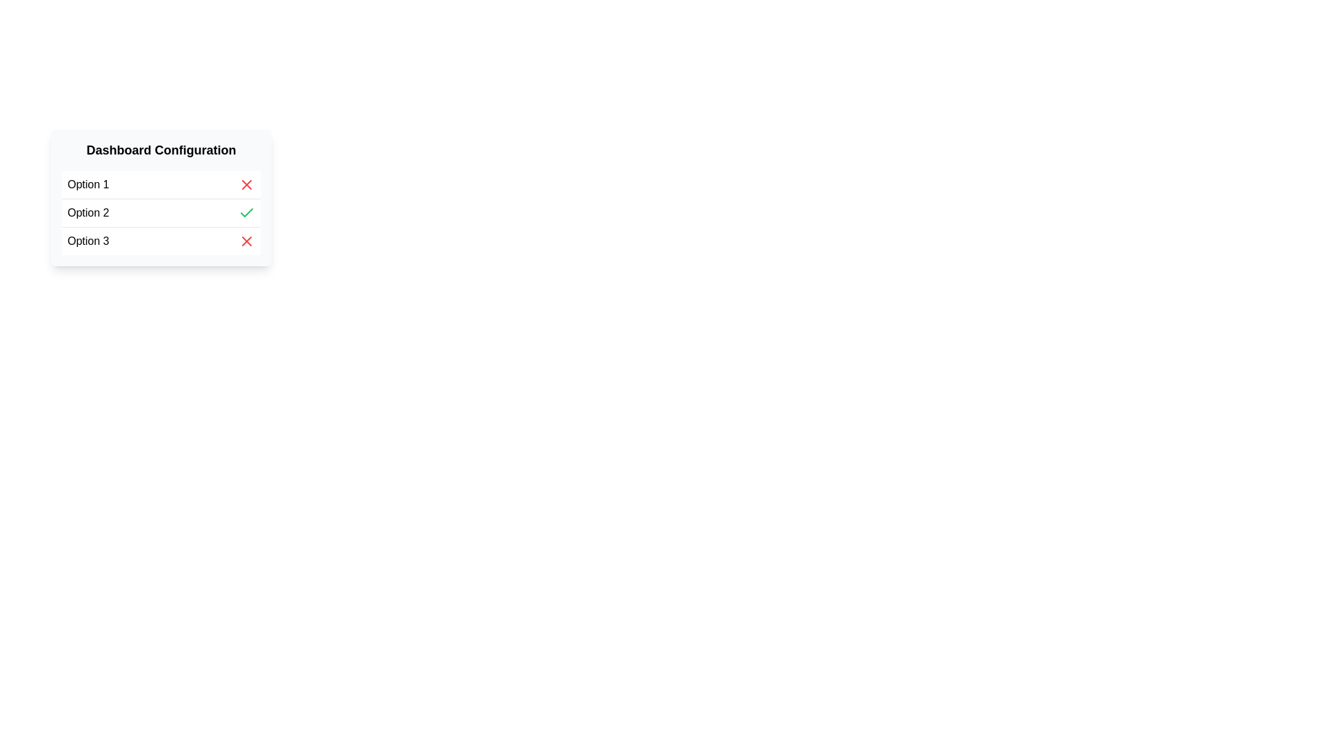 This screenshot has height=745, width=1324. Describe the element at coordinates (247, 212) in the screenshot. I see `the check mark SVG icon located at the far right of the second row labeled 'Option 2' in the 'Dashboard Configuration' list to interact with it` at that location.